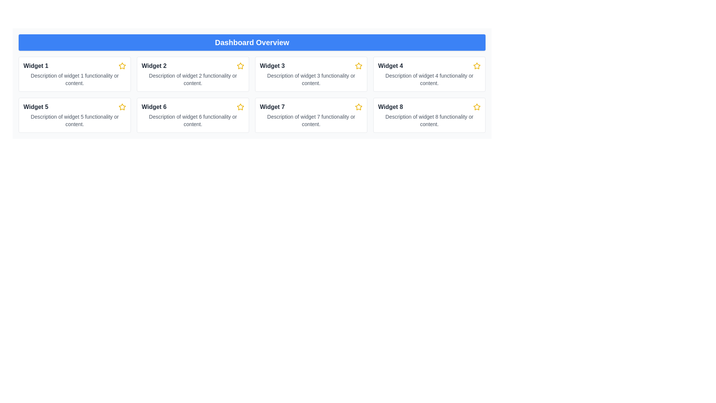 The image size is (716, 403). Describe the element at coordinates (358, 66) in the screenshot. I see `the yellow star-shaped icon with a thin stroke in the far-right area of 'Widget 3'` at that location.